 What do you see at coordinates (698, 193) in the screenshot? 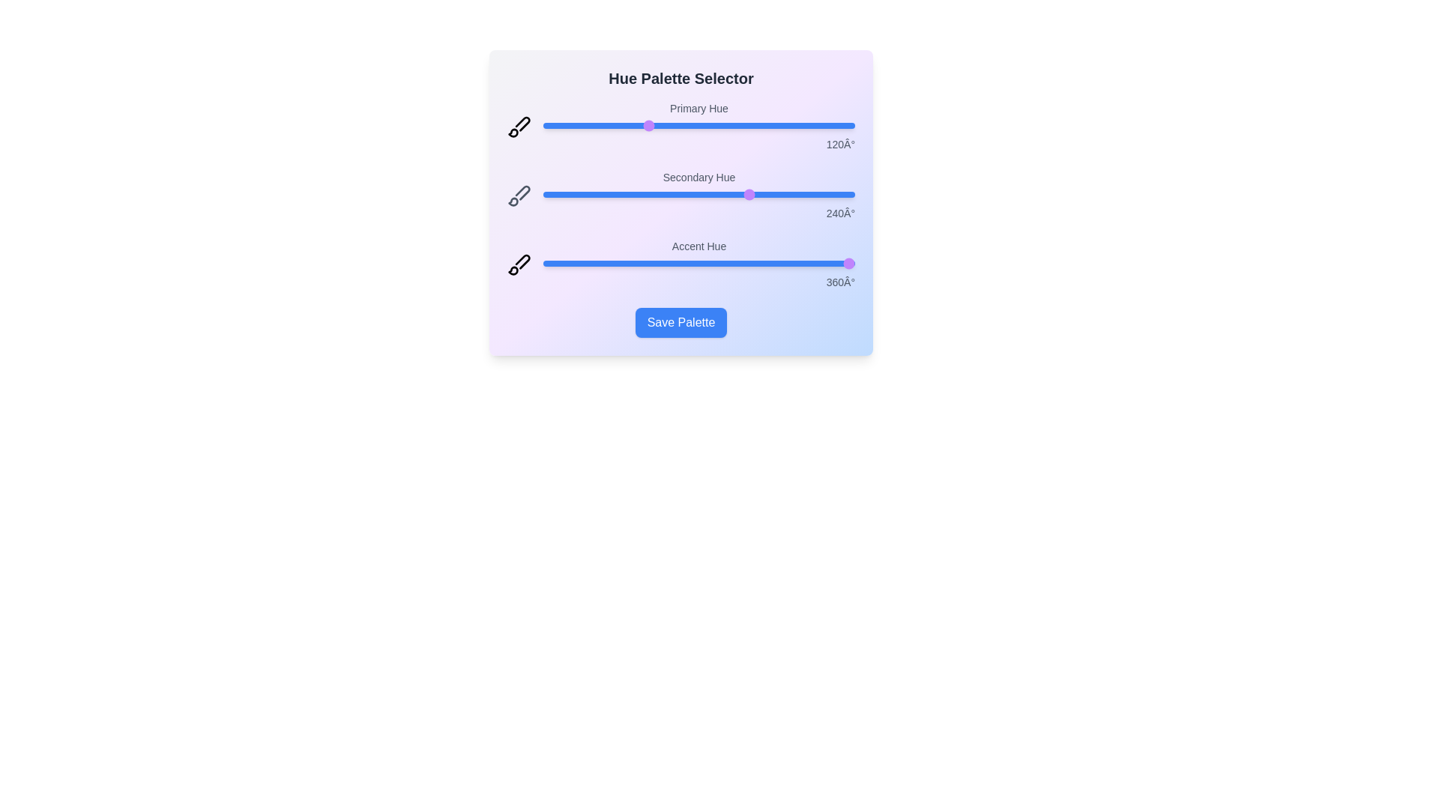
I see `the secondary slider to observe its behavior` at bounding box center [698, 193].